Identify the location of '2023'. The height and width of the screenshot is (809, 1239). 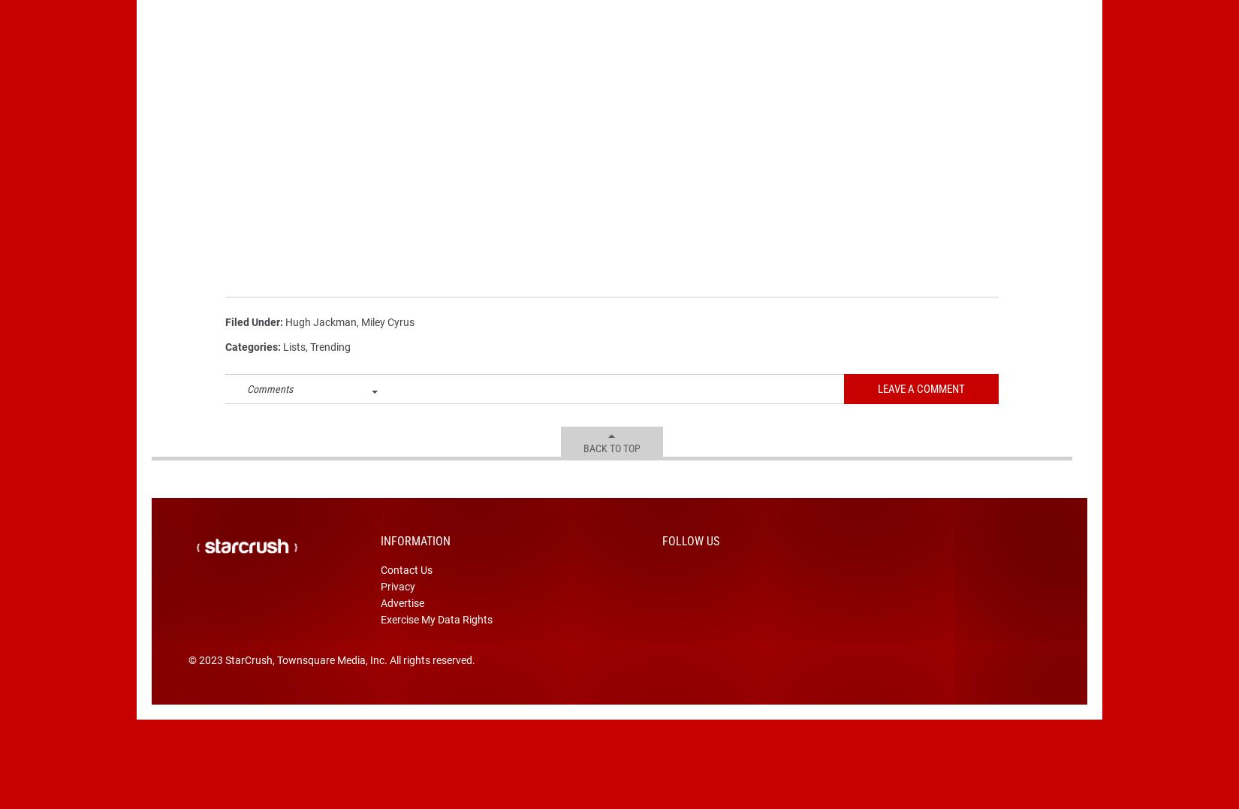
(210, 683).